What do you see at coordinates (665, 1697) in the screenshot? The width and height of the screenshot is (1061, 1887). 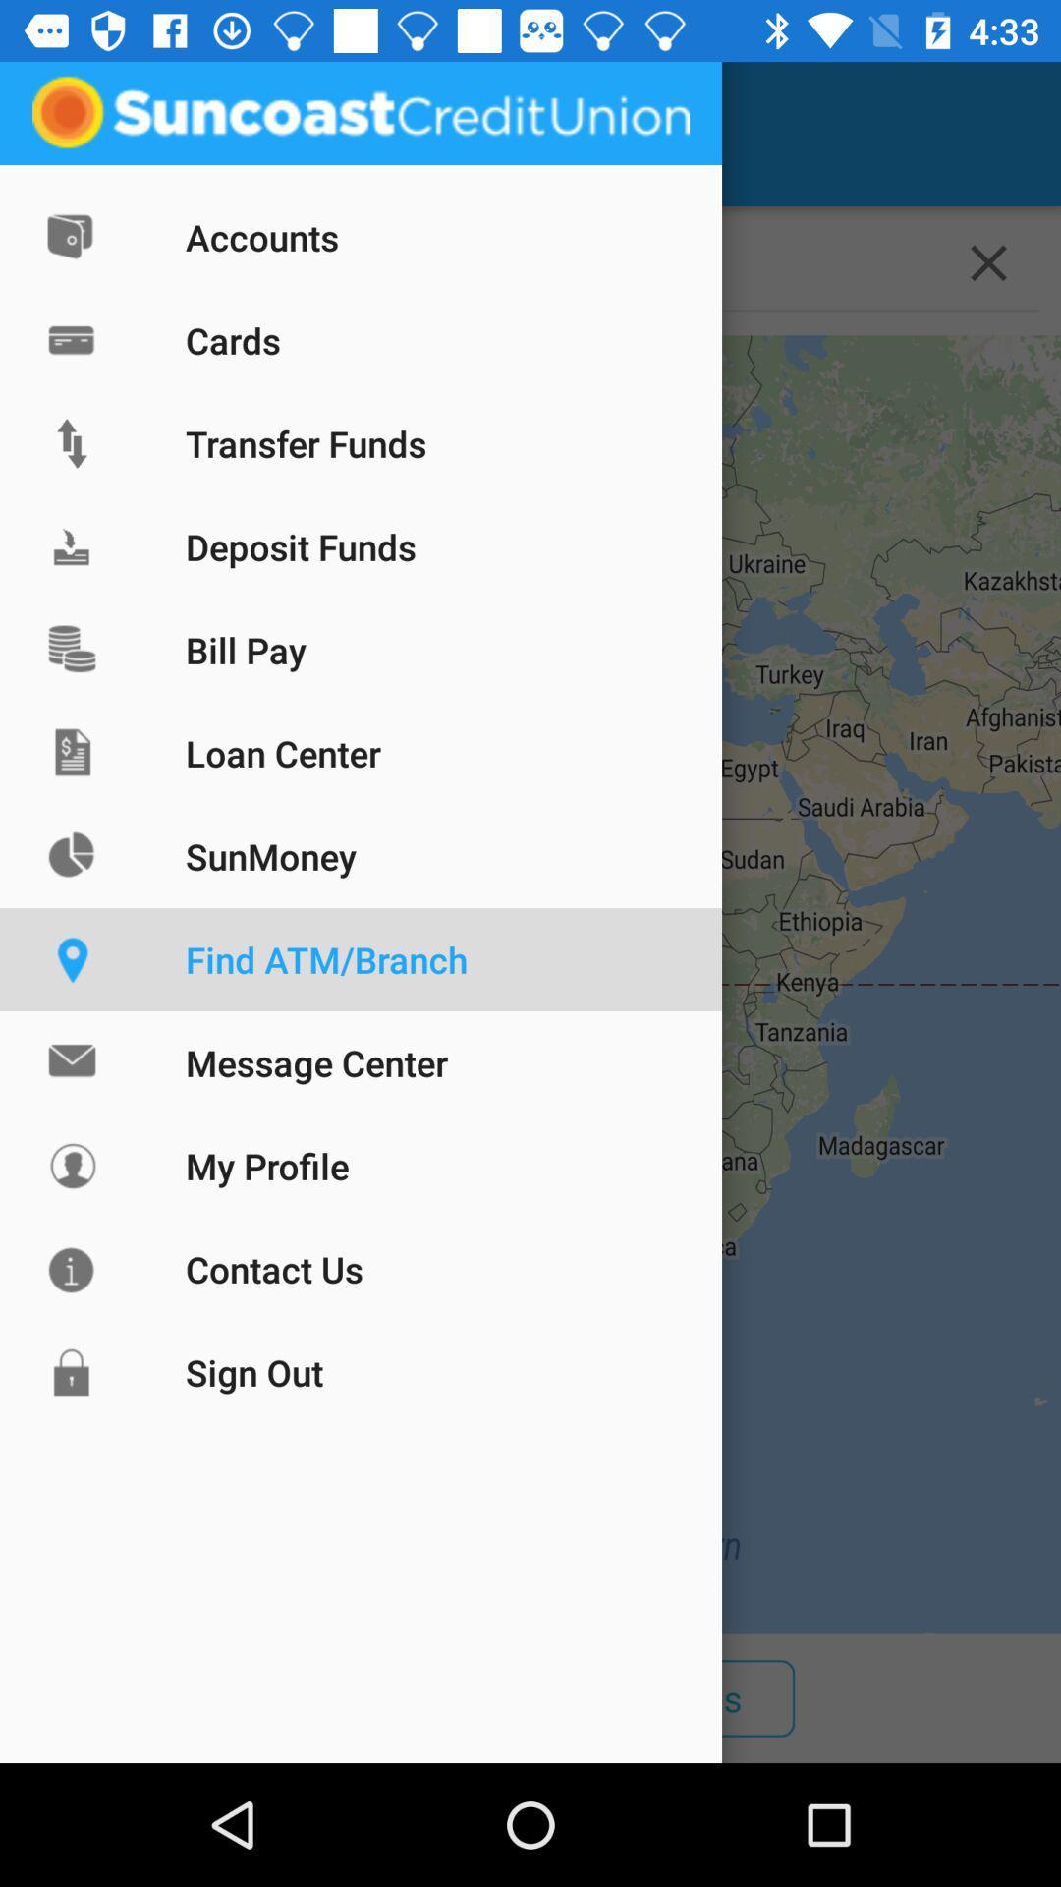 I see `the icon next to atms` at bounding box center [665, 1697].